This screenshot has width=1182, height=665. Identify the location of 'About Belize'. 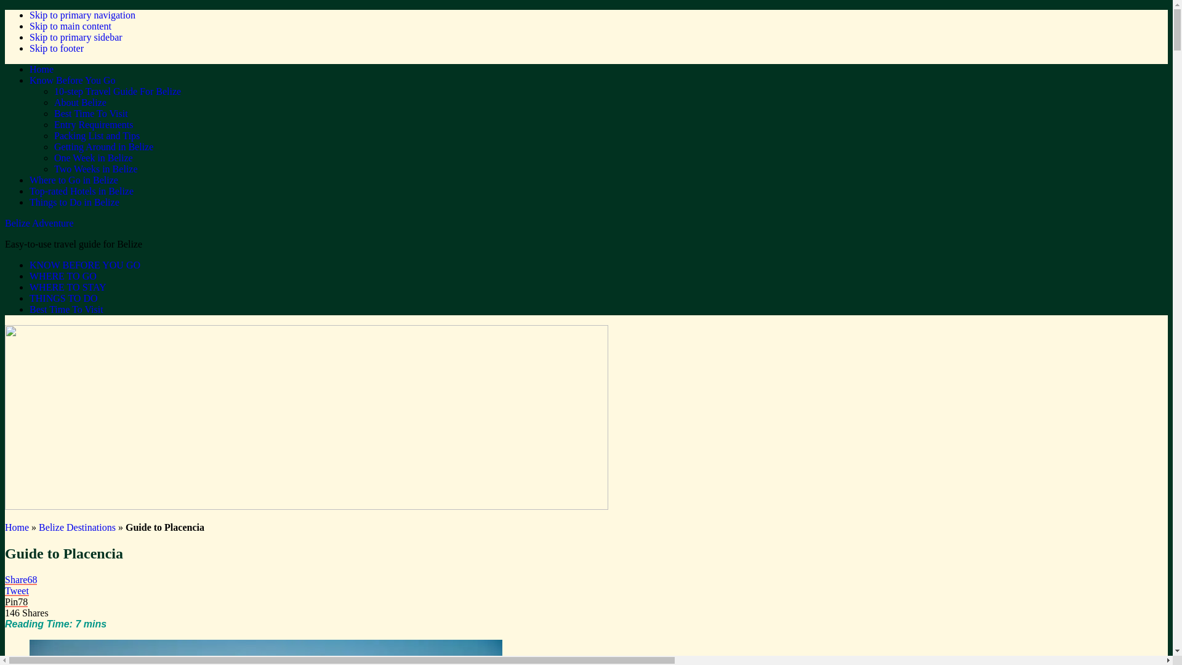
(53, 102).